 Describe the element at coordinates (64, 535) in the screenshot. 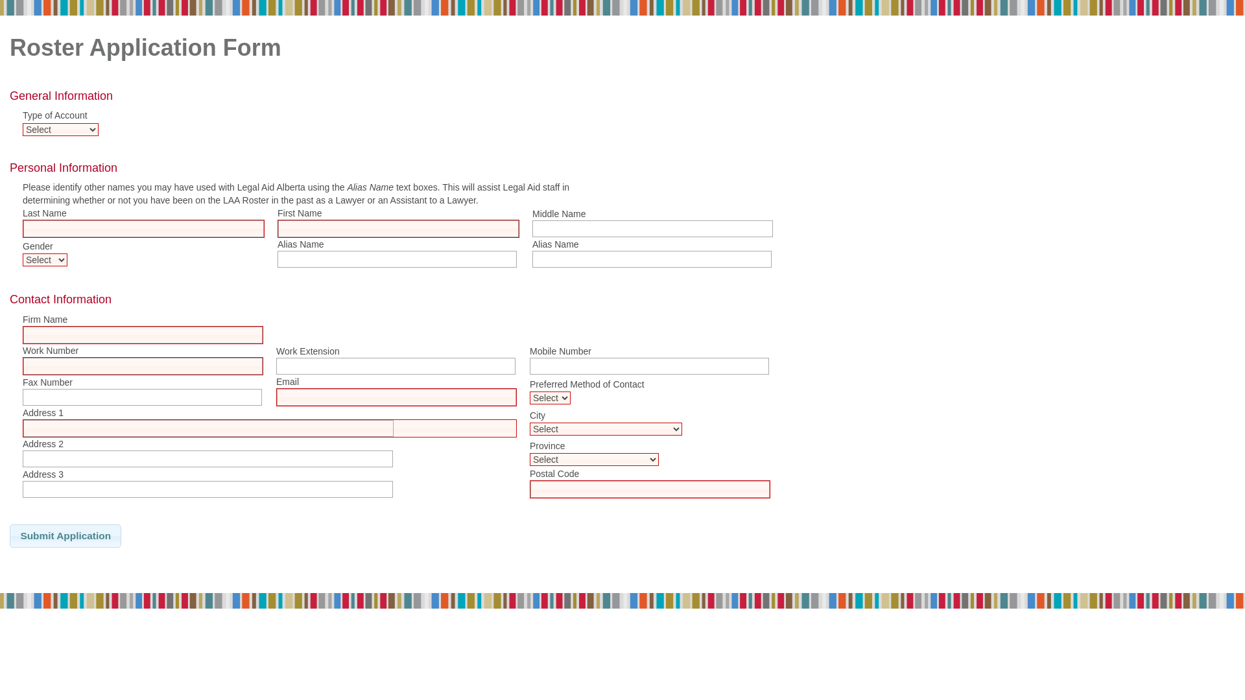

I see `'Submit Application'` at that location.